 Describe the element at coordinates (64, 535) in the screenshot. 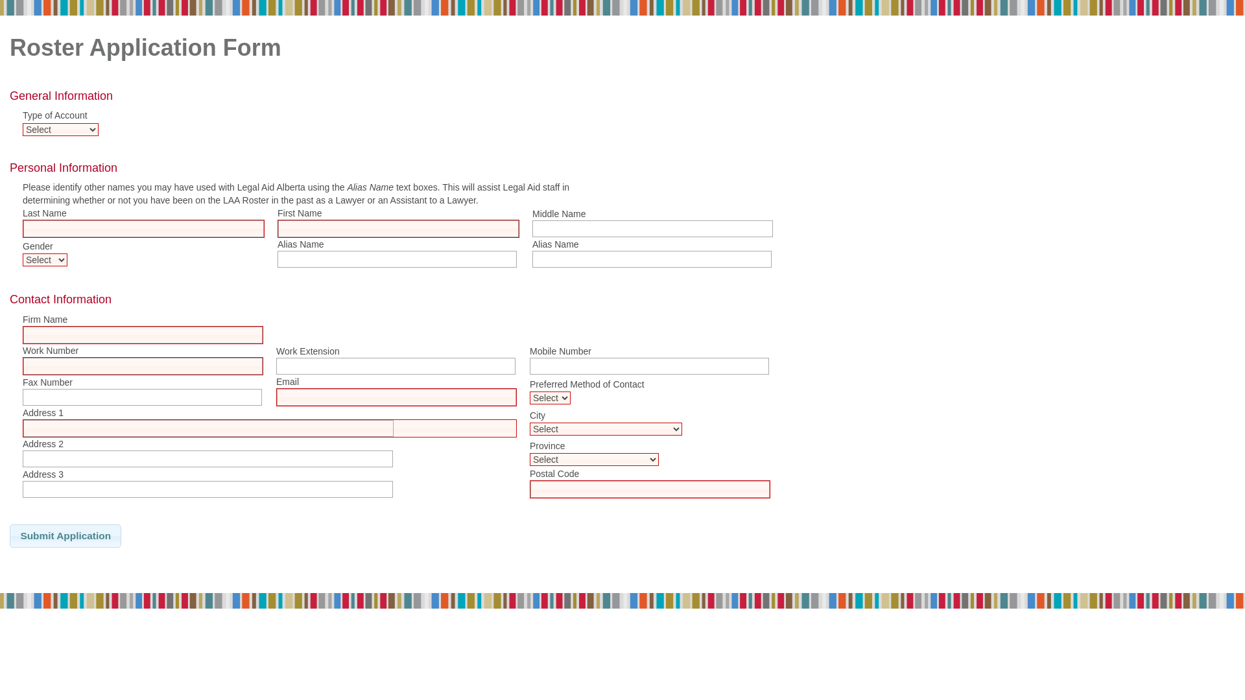

I see `'Submit Application'` at that location.